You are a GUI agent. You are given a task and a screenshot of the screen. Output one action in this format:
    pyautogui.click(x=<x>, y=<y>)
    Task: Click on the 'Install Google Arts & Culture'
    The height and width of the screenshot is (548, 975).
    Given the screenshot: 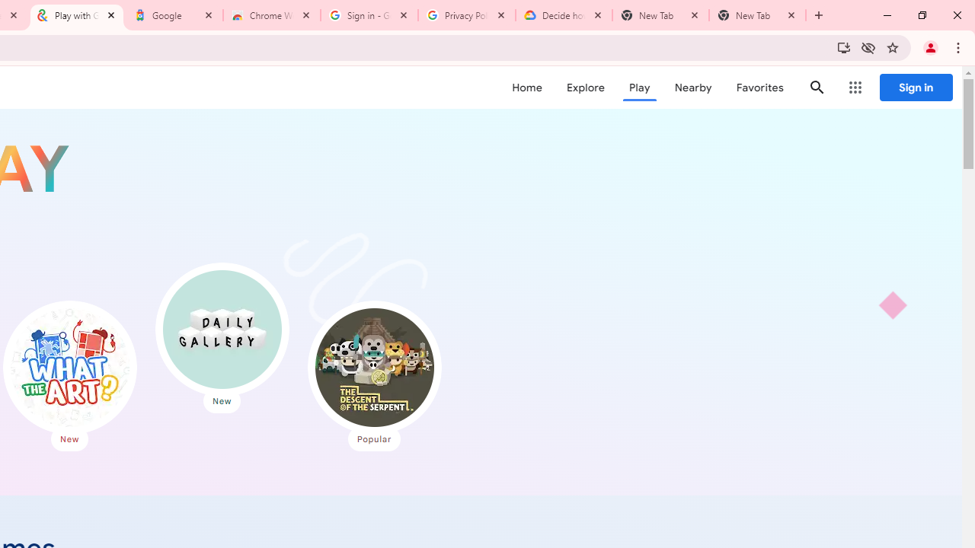 What is the action you would take?
    pyautogui.click(x=842, y=46)
    